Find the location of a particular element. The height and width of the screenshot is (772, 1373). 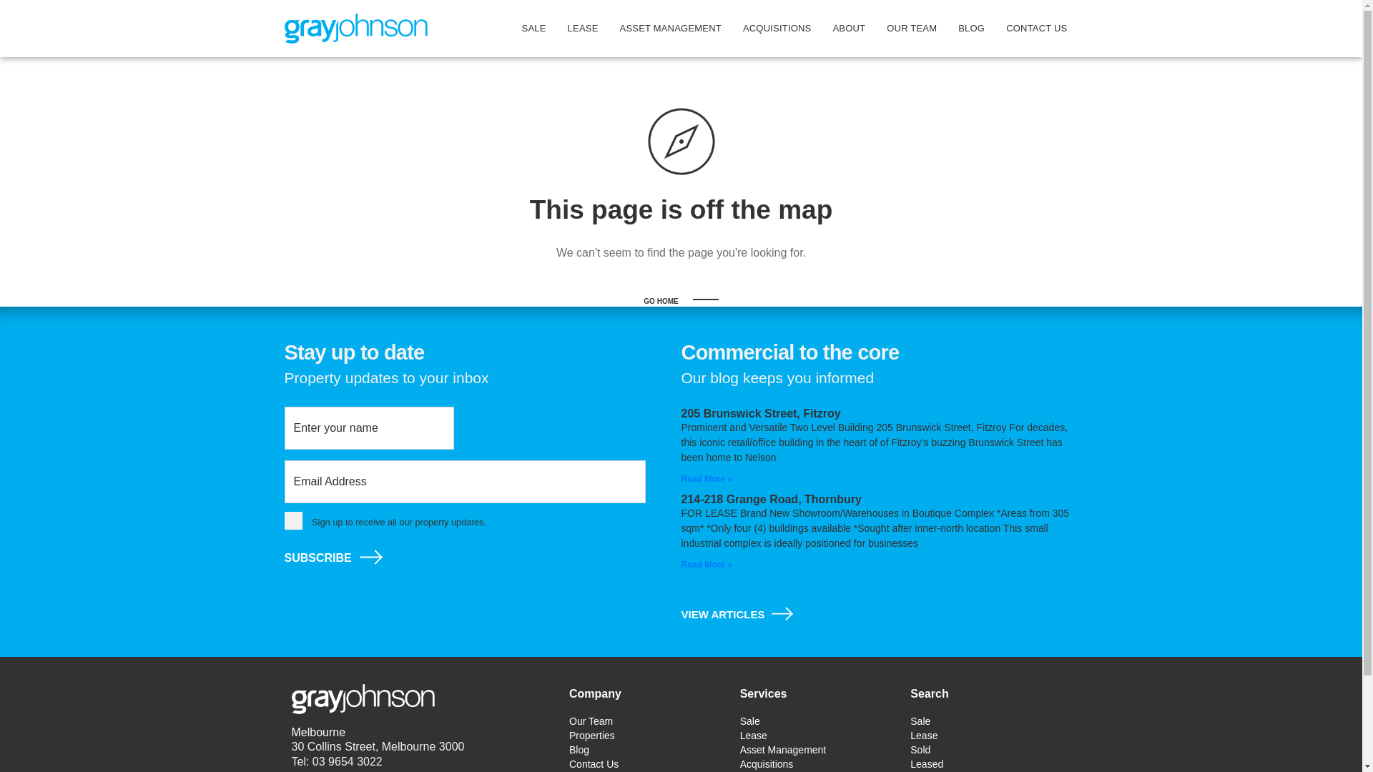

'ASSET MANAGEMENT' is located at coordinates (669, 28).